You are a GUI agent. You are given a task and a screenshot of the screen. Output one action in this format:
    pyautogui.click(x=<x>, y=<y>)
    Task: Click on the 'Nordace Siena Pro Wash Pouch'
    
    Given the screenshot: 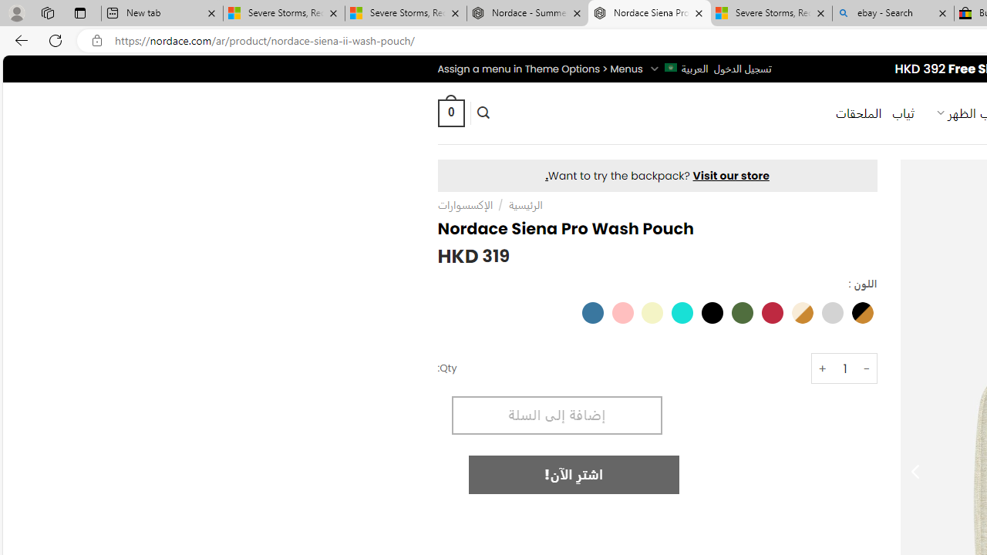 What is the action you would take?
    pyautogui.click(x=649, y=13)
    